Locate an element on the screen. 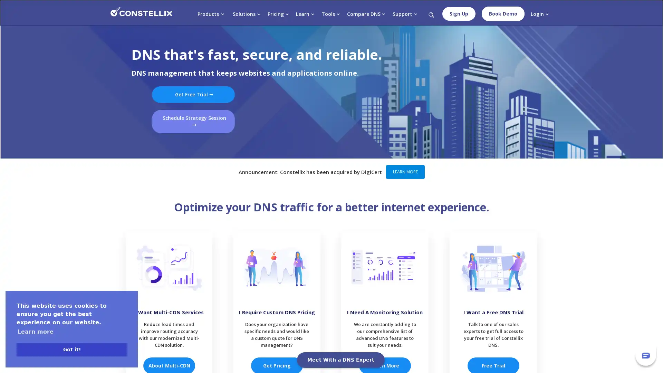 Image resolution: width=663 pixels, height=373 pixels. learn more about cookies is located at coordinates (35, 331).